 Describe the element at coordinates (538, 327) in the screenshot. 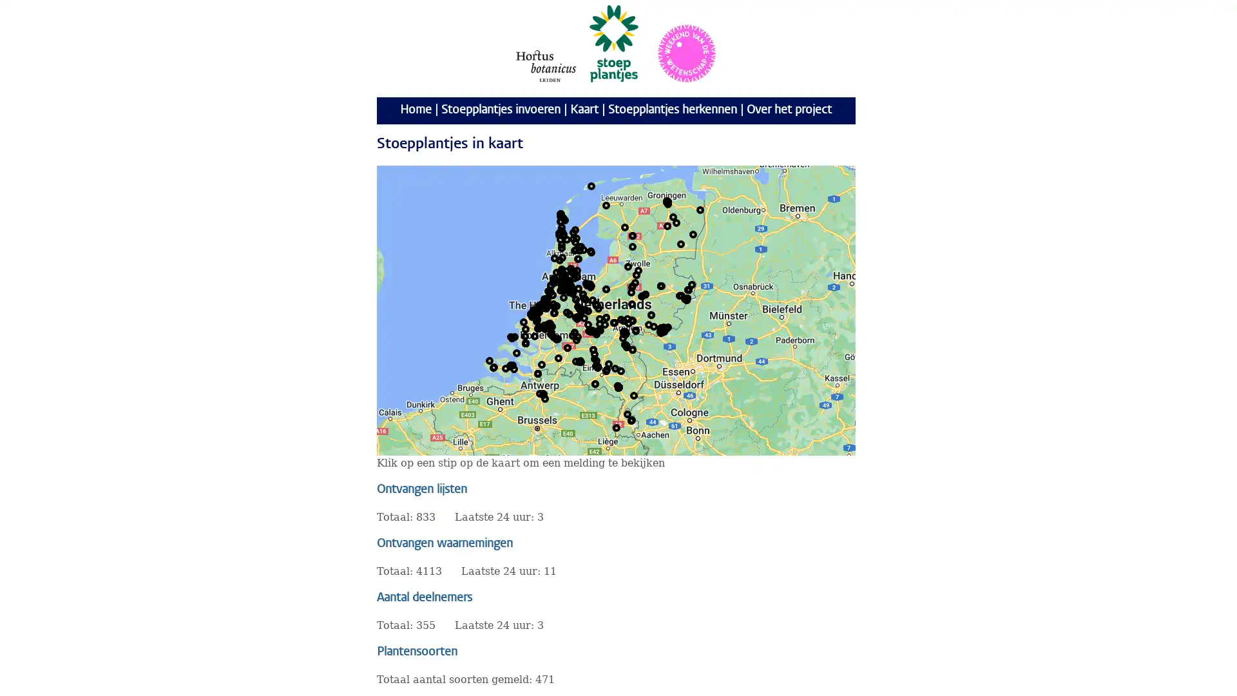

I see `Telling van op 30 mei 2022` at that location.